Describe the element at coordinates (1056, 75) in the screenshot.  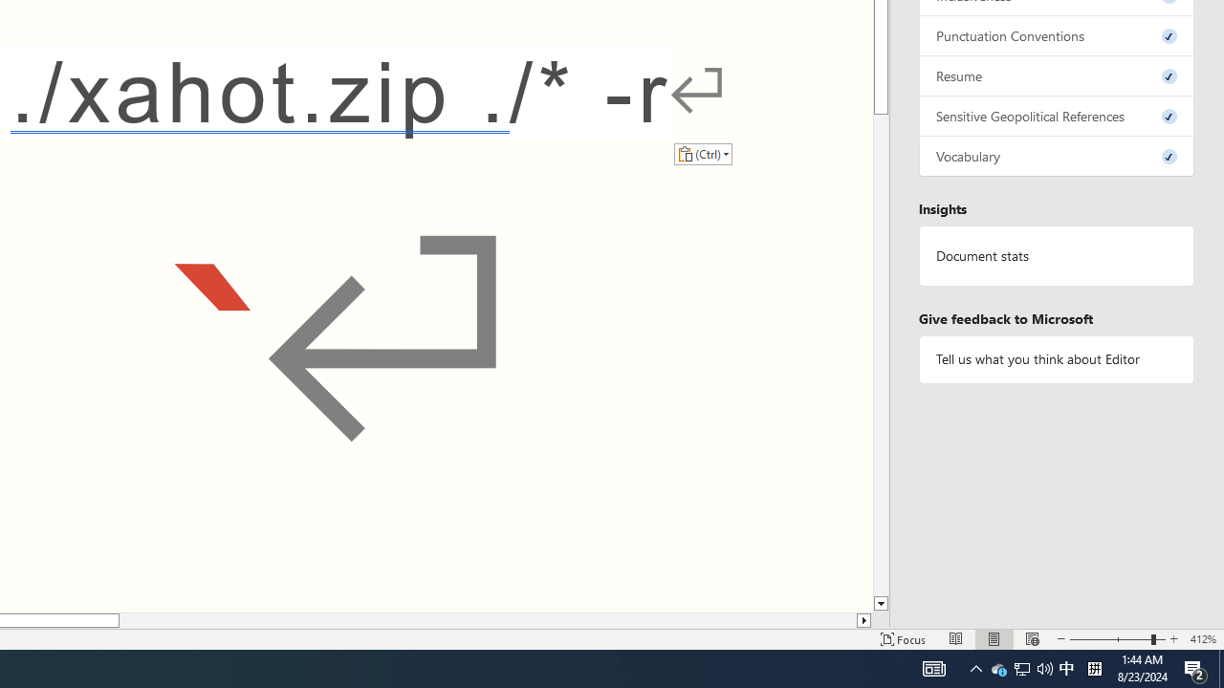
I see `'Resume, 0 issues. Press space or enter to review items.'` at that location.